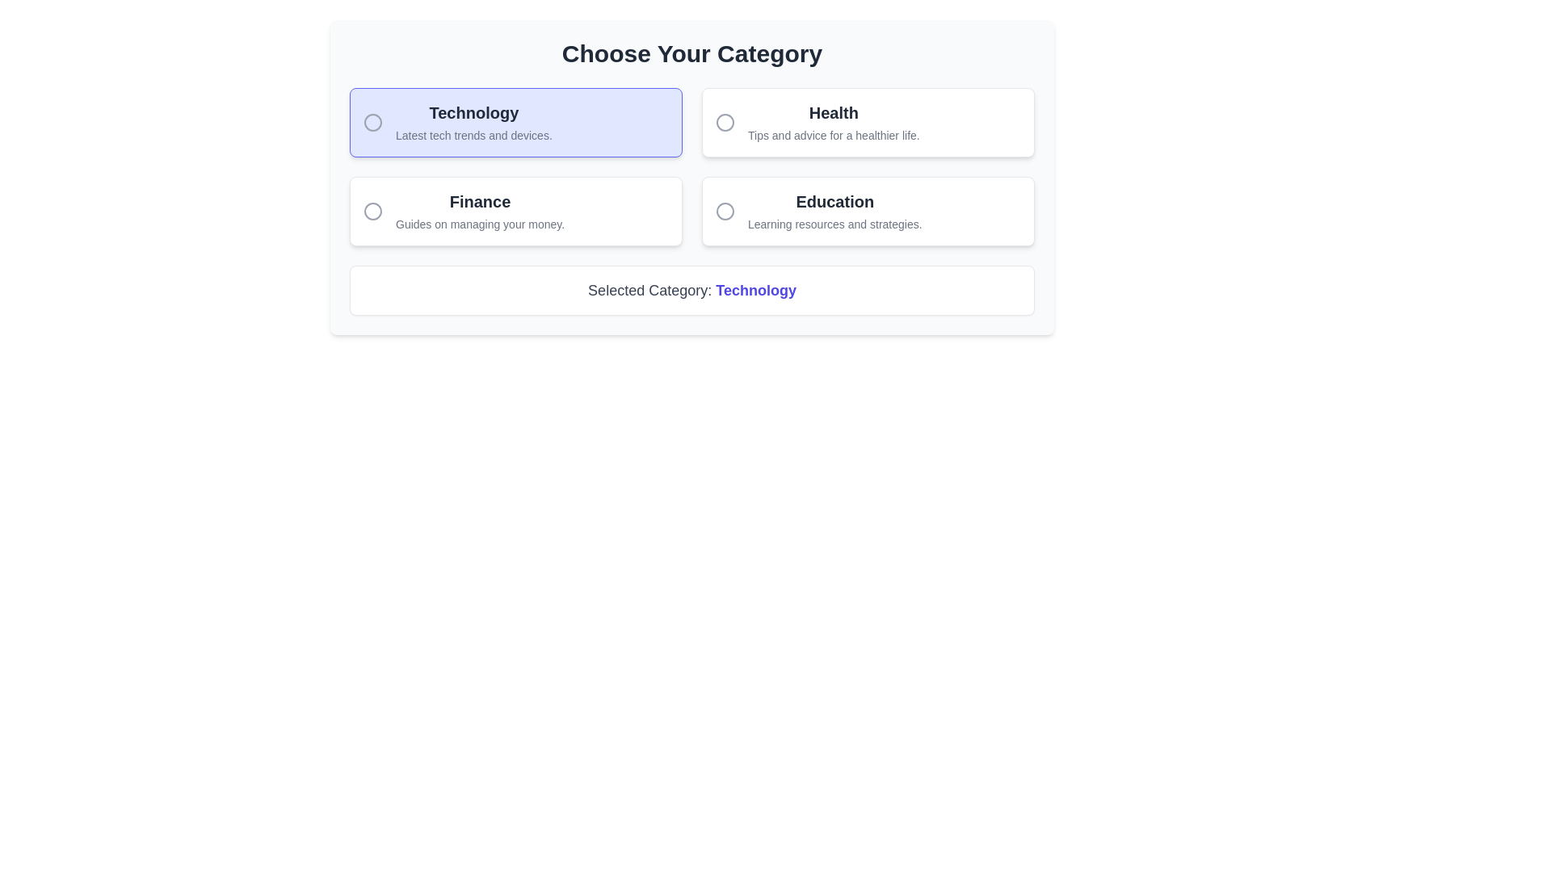  Describe the element at coordinates (479, 224) in the screenshot. I see `the text label reading 'Guides on managing your money.' located below the 'Finance' header in the category selection area` at that location.